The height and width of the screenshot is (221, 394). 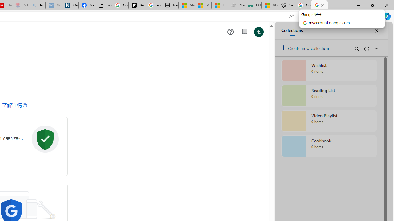 I want to click on 'Be Smart | creating Science videos | Patreon', so click(x=136, y=5).